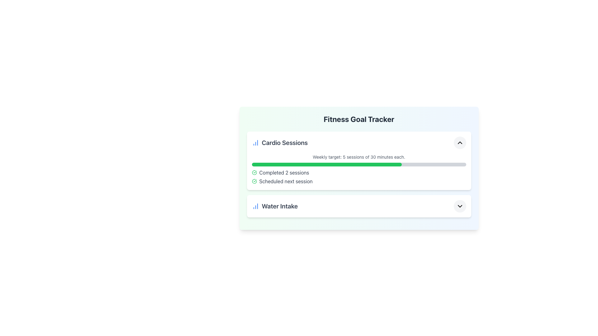 Image resolution: width=598 pixels, height=336 pixels. I want to click on the upward navigation icon located in the circular button at the top-right area of the 'Cardio Sessions' card, so click(460, 143).